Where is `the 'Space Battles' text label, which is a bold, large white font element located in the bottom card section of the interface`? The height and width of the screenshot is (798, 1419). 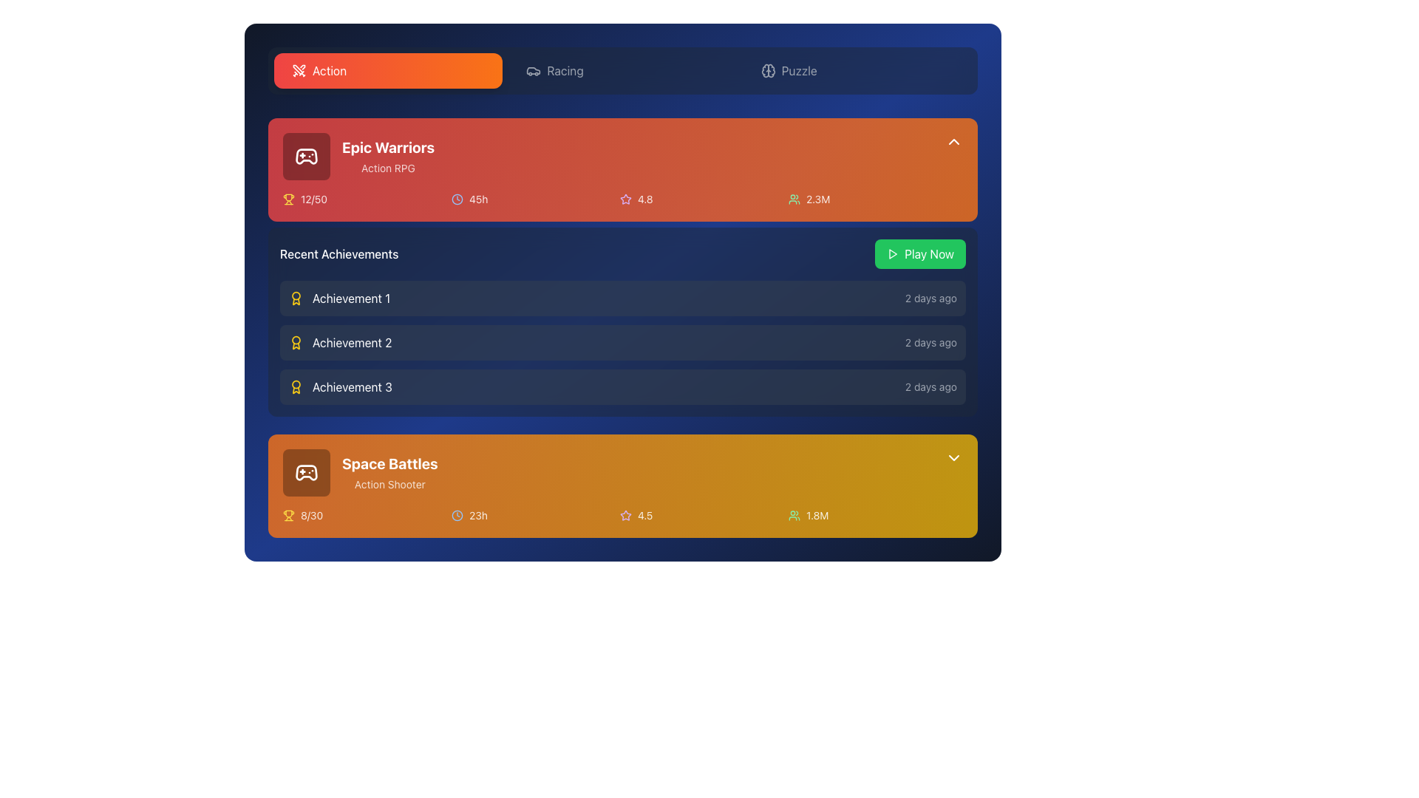
the 'Space Battles' text label, which is a bold, large white font element located in the bottom card section of the interface is located at coordinates (389, 463).